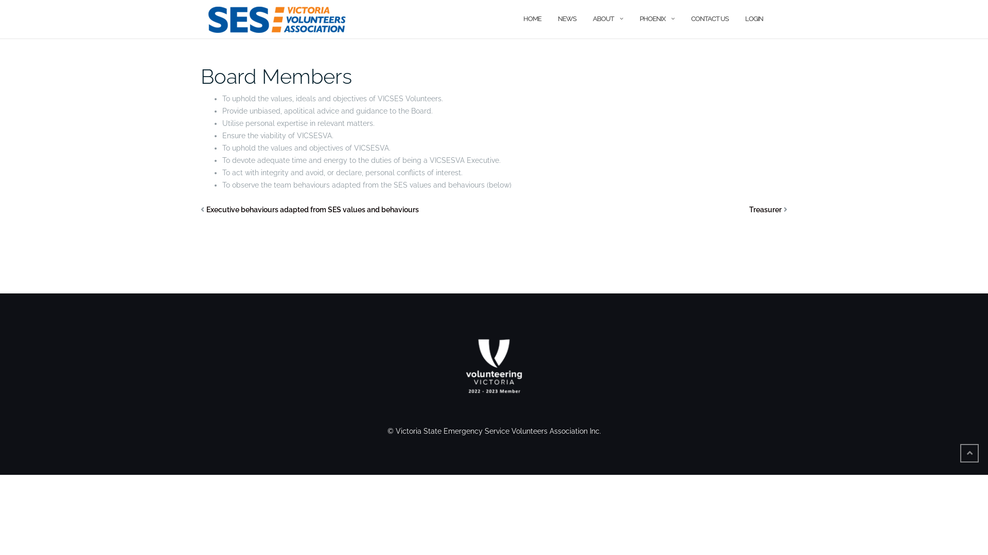  Describe the element at coordinates (603, 19) in the screenshot. I see `'ABOUT'` at that location.